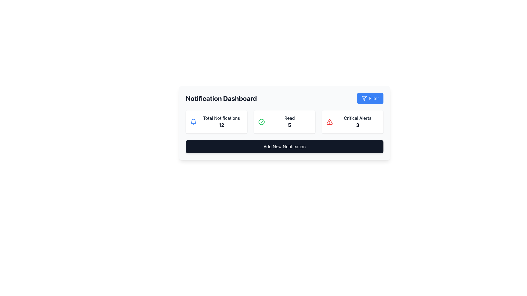 Image resolution: width=527 pixels, height=296 pixels. What do you see at coordinates (221, 121) in the screenshot?
I see `total number of notifications displayed in the bold text element located in the top-left white card of the Notification Dashboard, which is beneath the blue bell icon` at bounding box center [221, 121].